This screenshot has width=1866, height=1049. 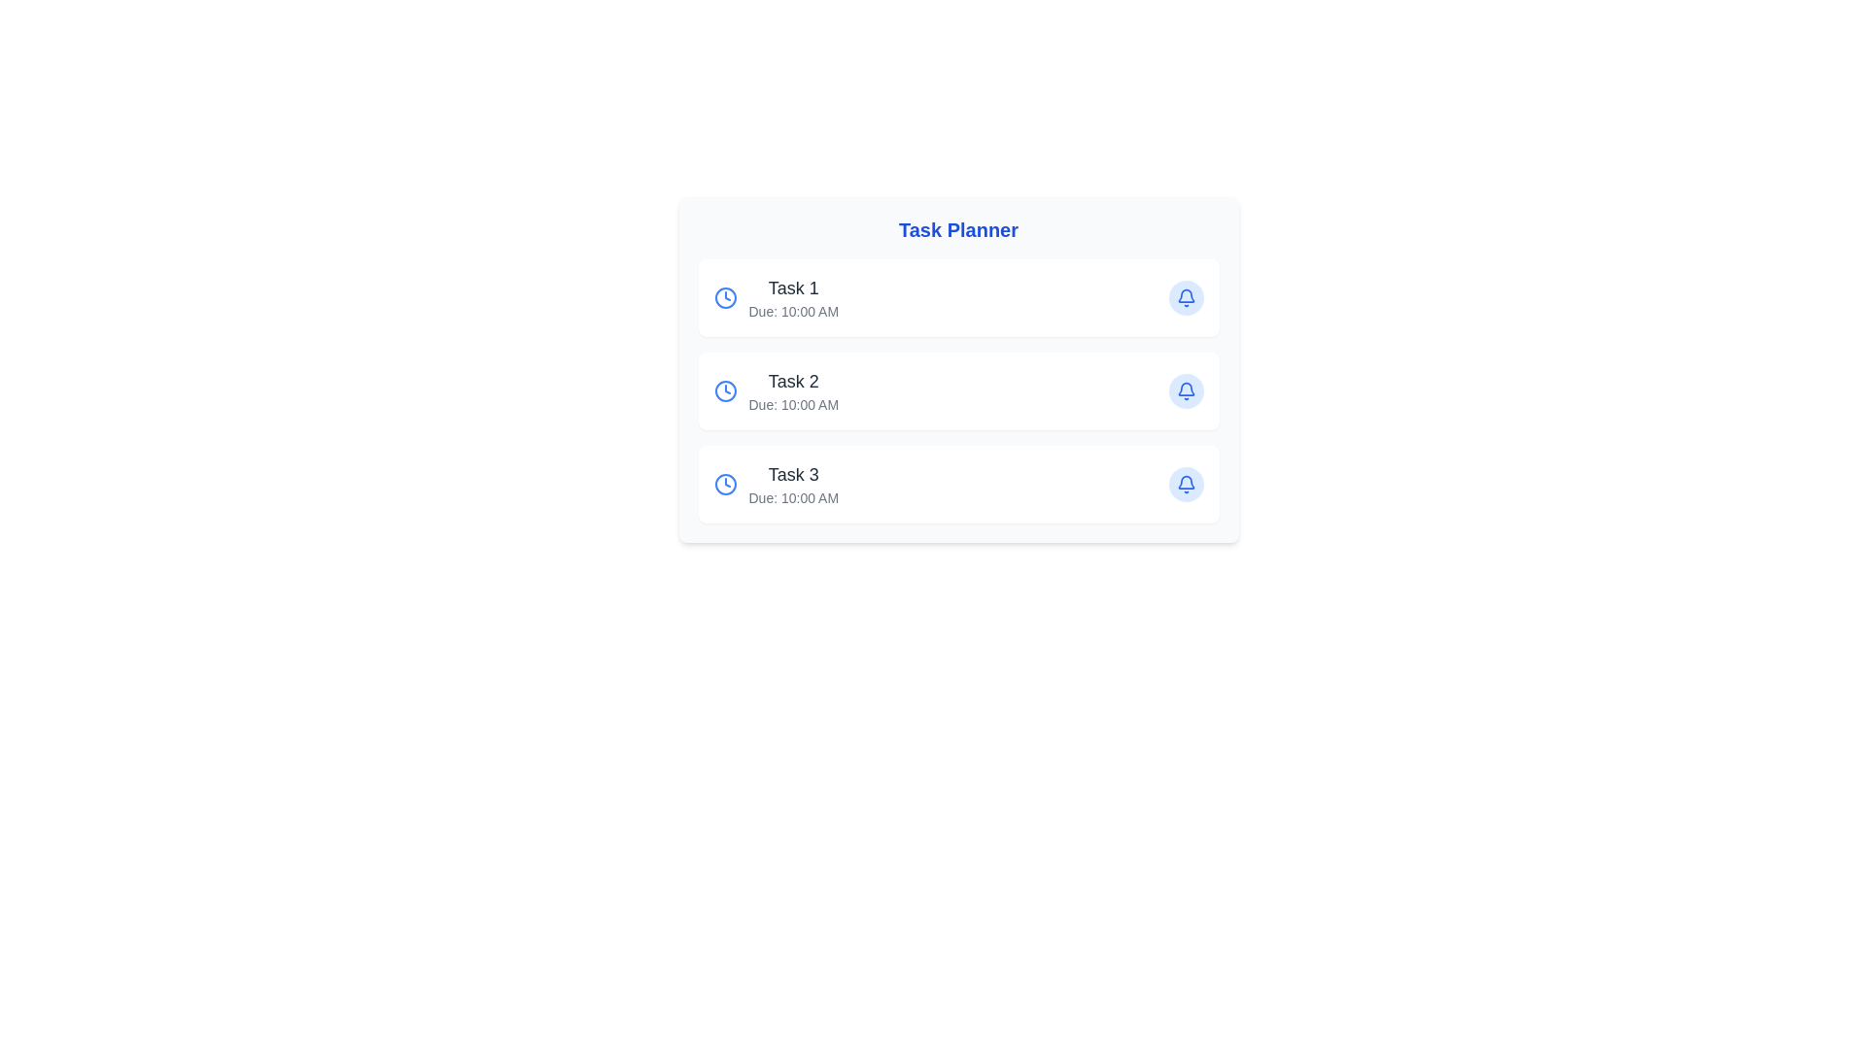 I want to click on the circular blue button with a bell icon located in the first task row labeled 'Task 1', so click(x=1185, y=298).